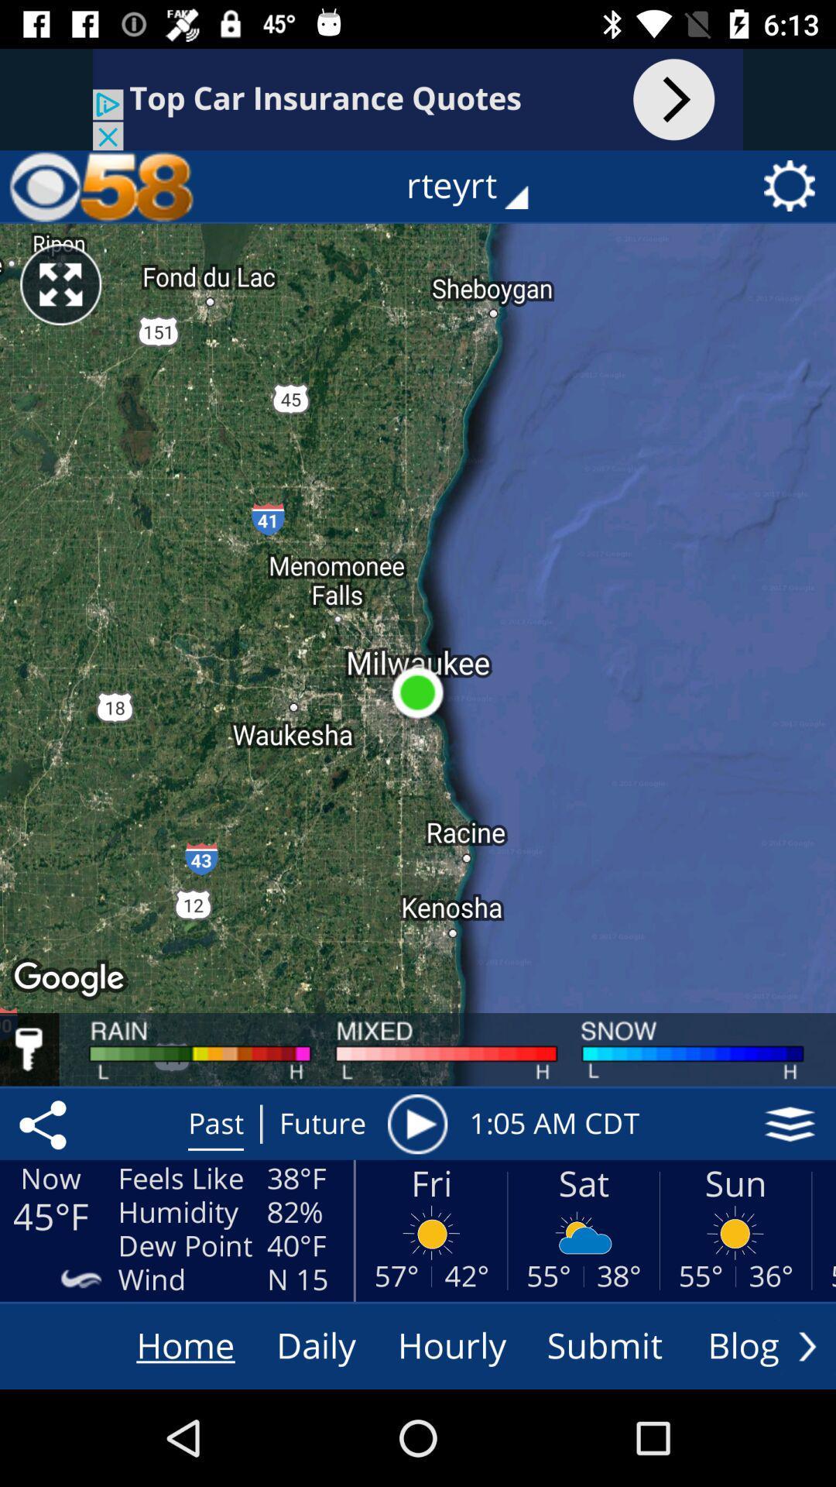  Describe the element at coordinates (45, 1124) in the screenshot. I see `the share icon` at that location.